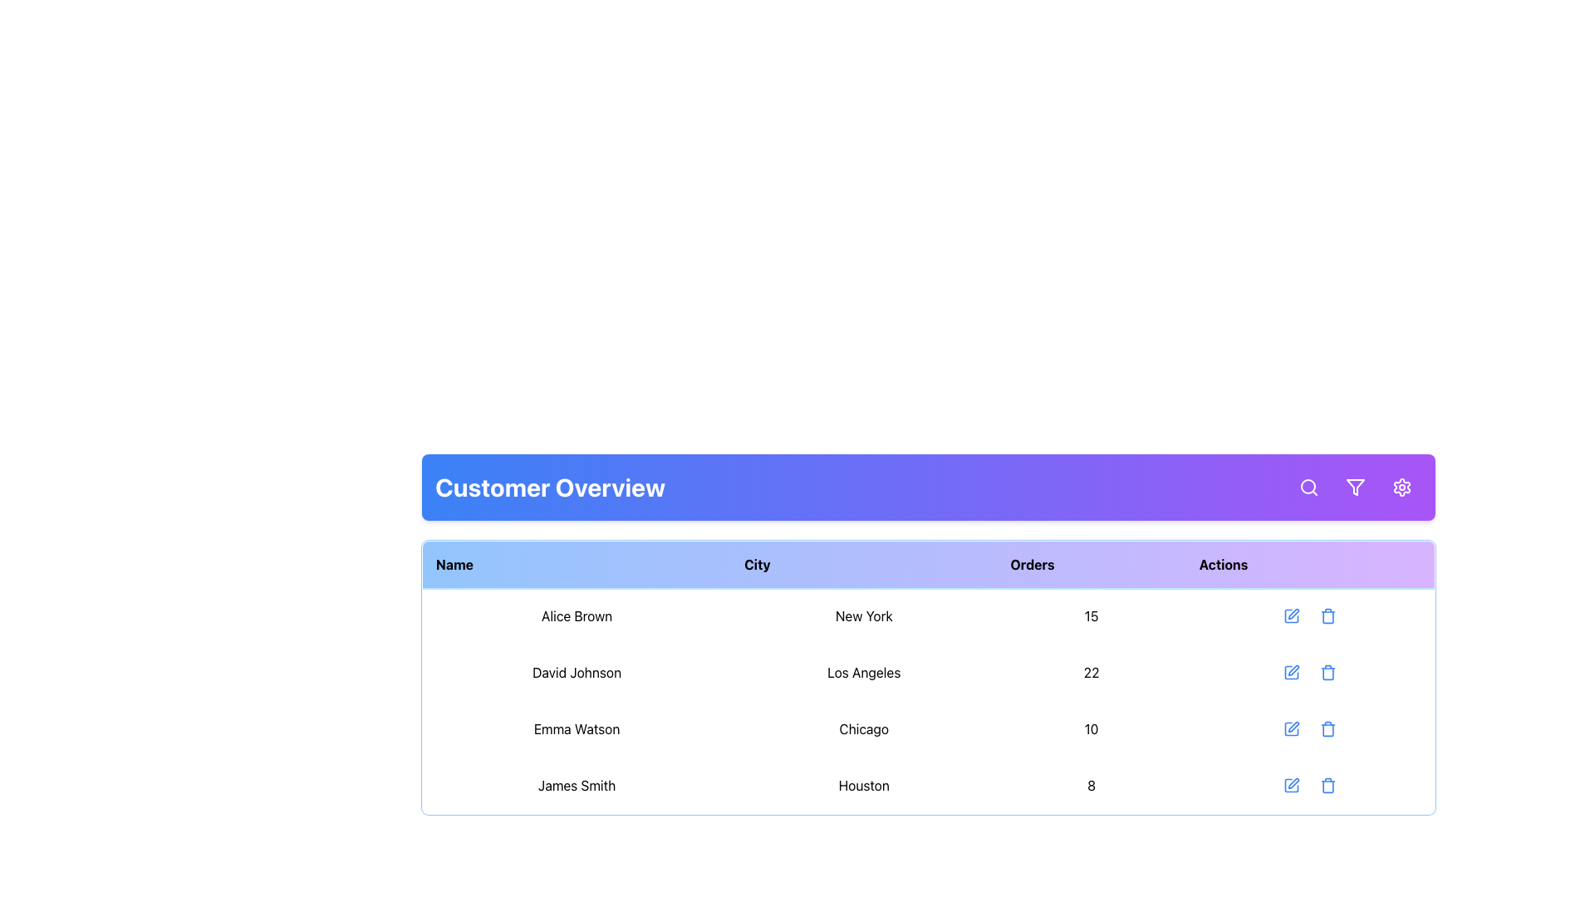  What do you see at coordinates (1327, 615) in the screenshot?
I see `the delete icon button located in the 'Actions' column of the first row for 'Alice Brown'` at bounding box center [1327, 615].